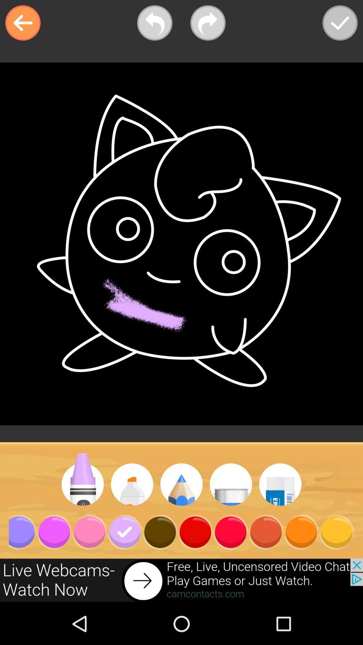 This screenshot has width=363, height=645. Describe the element at coordinates (340, 23) in the screenshot. I see `check option` at that location.